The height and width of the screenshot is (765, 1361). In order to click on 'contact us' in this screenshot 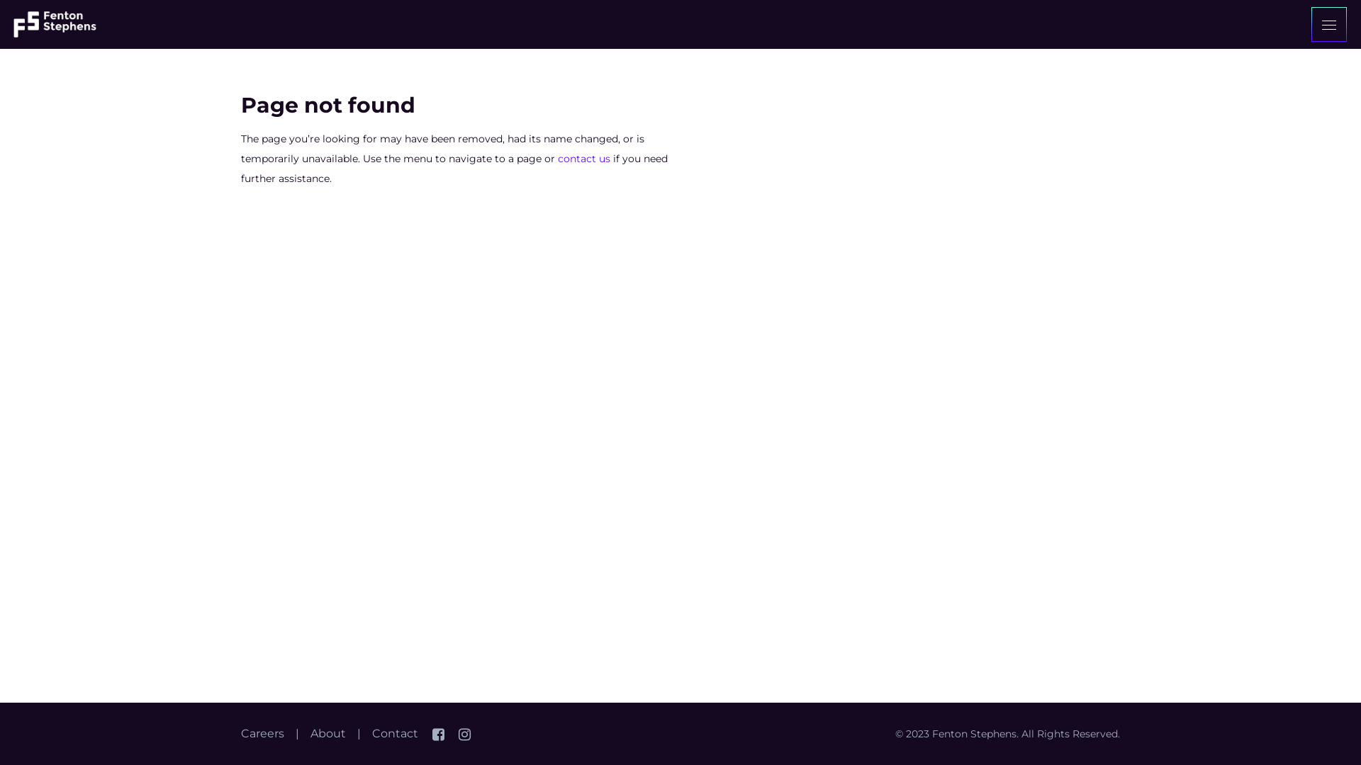, I will do `click(584, 158)`.